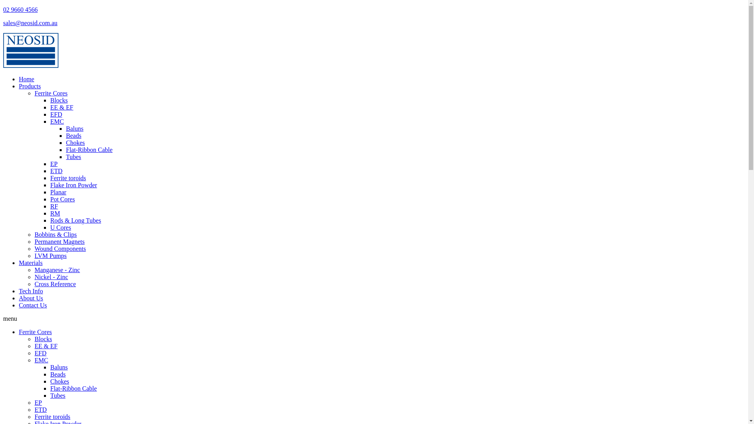 This screenshot has height=424, width=754. What do you see at coordinates (34, 93) in the screenshot?
I see `'Ferrite Cores'` at bounding box center [34, 93].